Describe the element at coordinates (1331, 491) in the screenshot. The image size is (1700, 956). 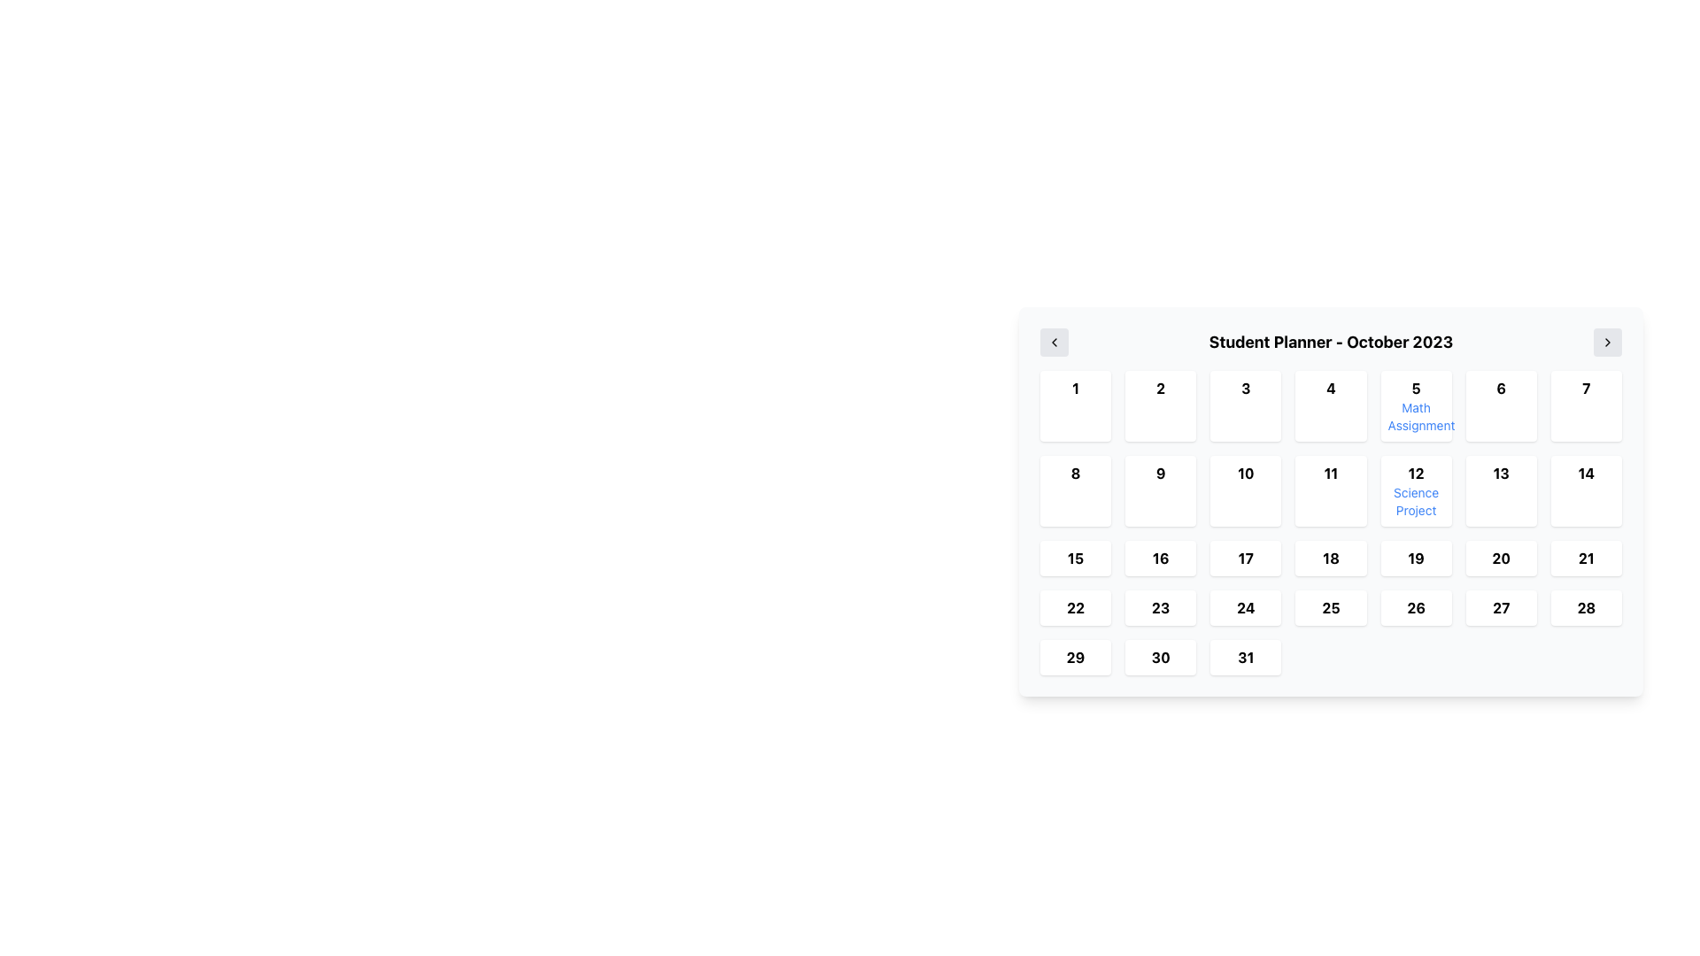
I see `the Calendar Date Cell that displays the number '11'` at that location.